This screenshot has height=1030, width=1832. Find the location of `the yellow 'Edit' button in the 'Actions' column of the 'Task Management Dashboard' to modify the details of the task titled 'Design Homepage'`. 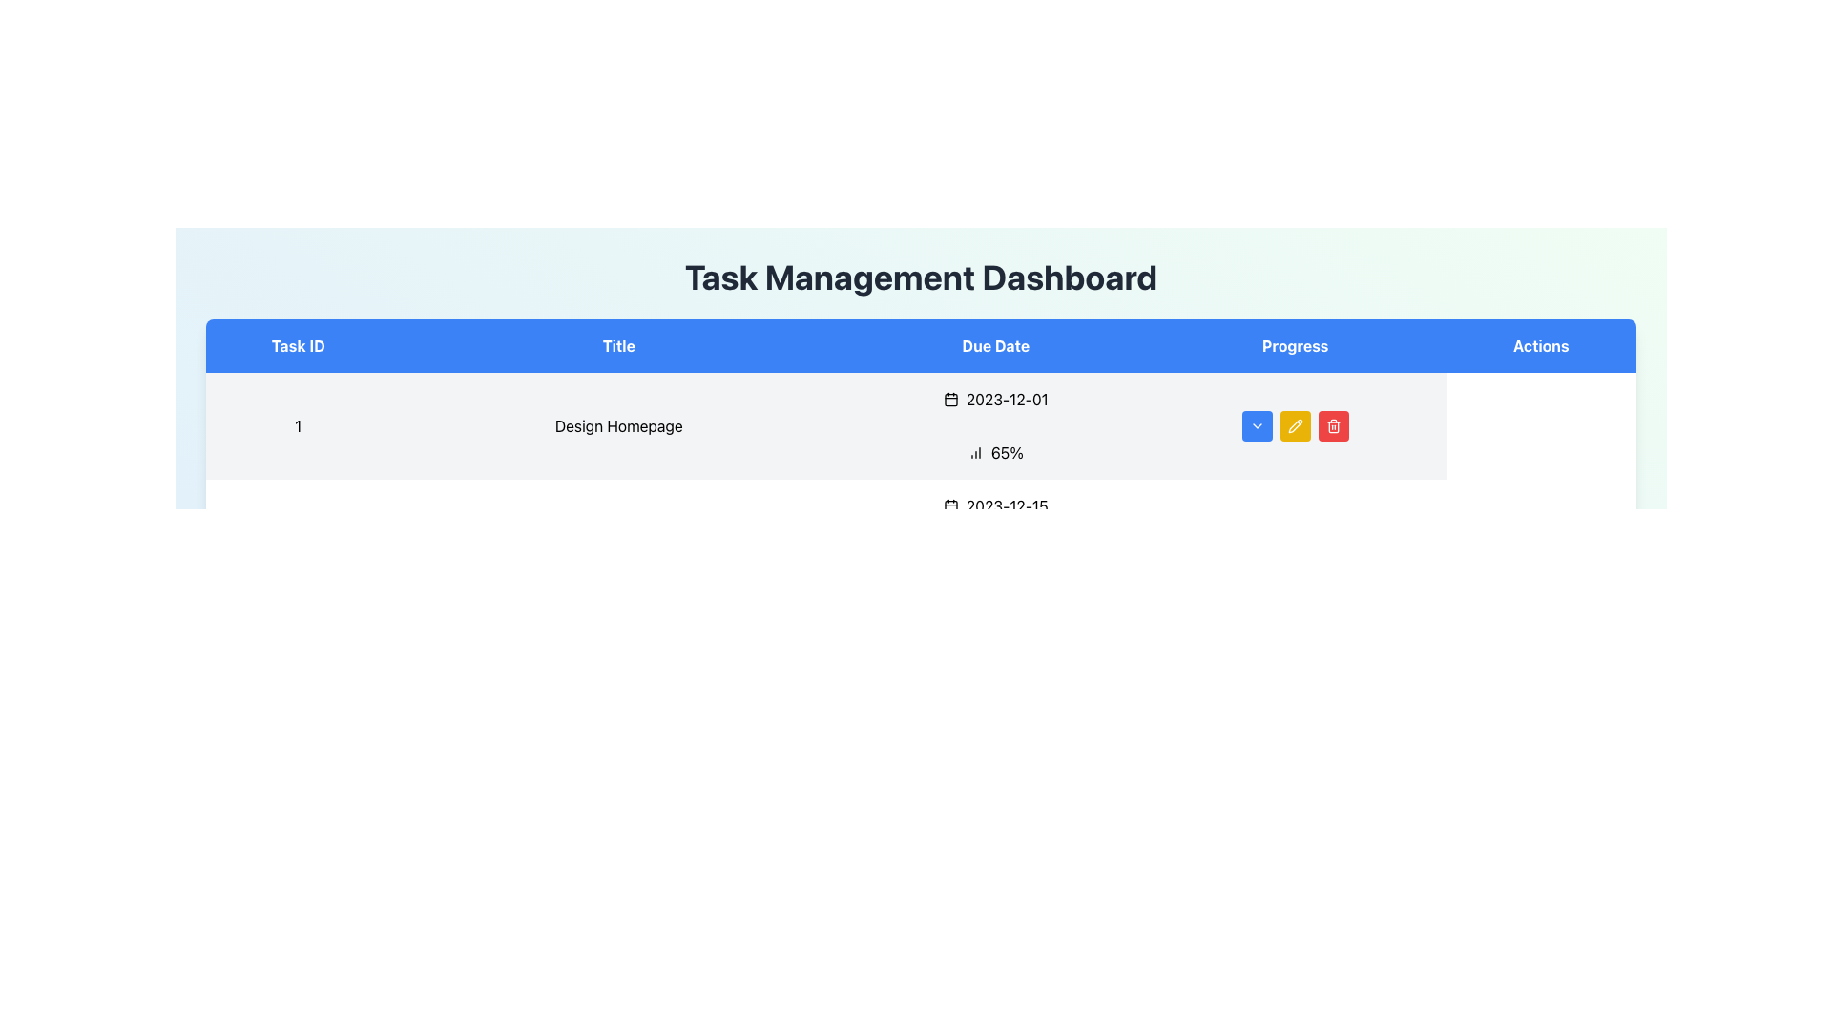

the yellow 'Edit' button in the 'Actions' column of the 'Task Management Dashboard' to modify the details of the task titled 'Design Homepage' is located at coordinates (1295, 425).